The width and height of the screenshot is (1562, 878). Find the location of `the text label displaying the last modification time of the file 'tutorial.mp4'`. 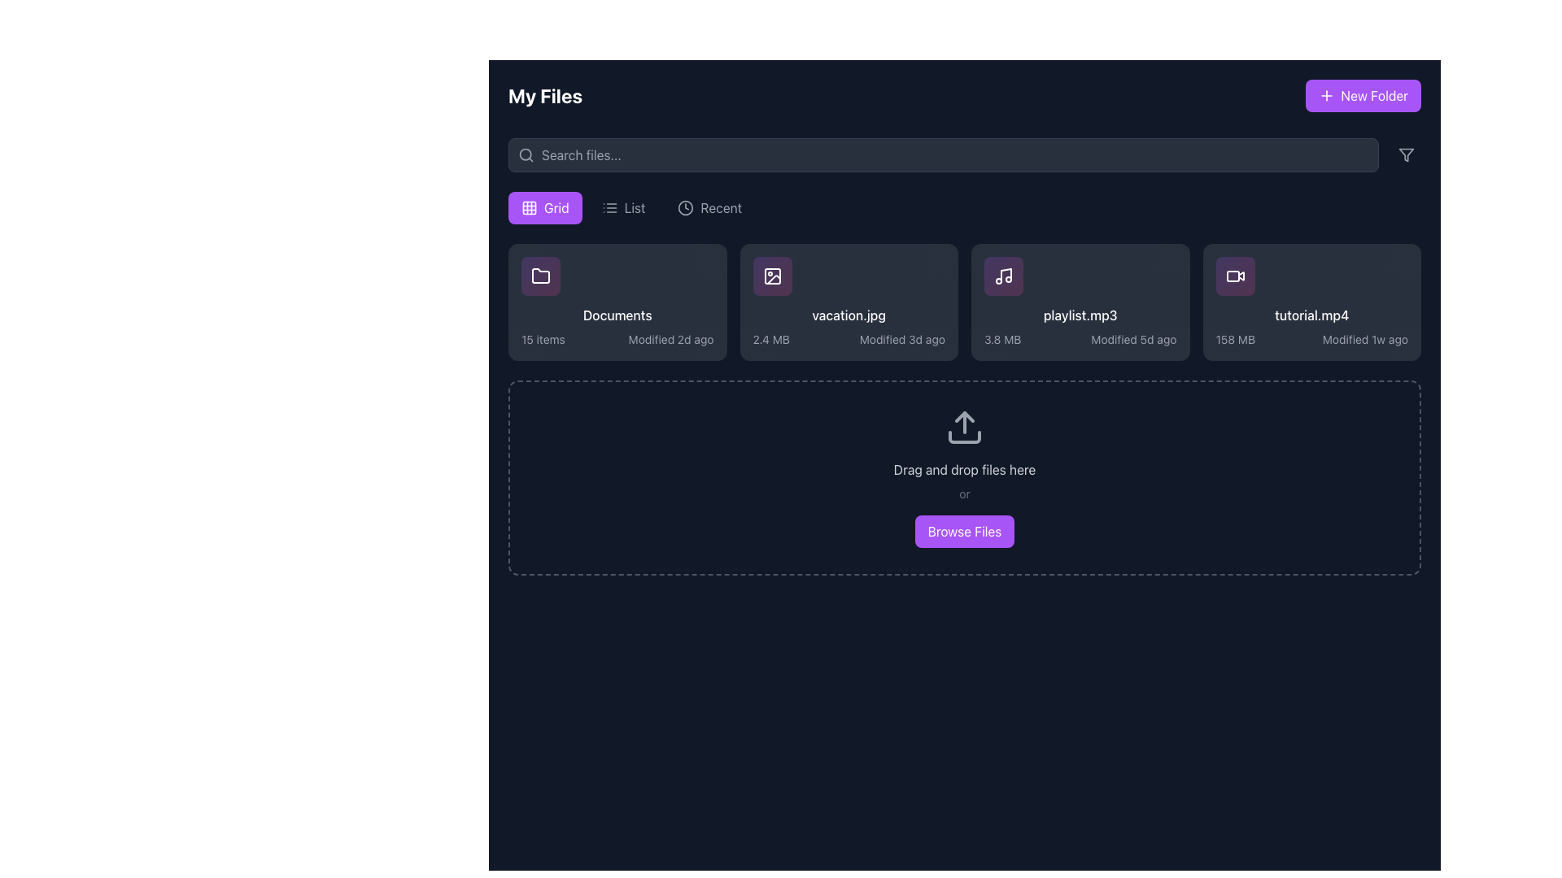

the text label displaying the last modification time of the file 'tutorial.mp4' is located at coordinates (1365, 338).